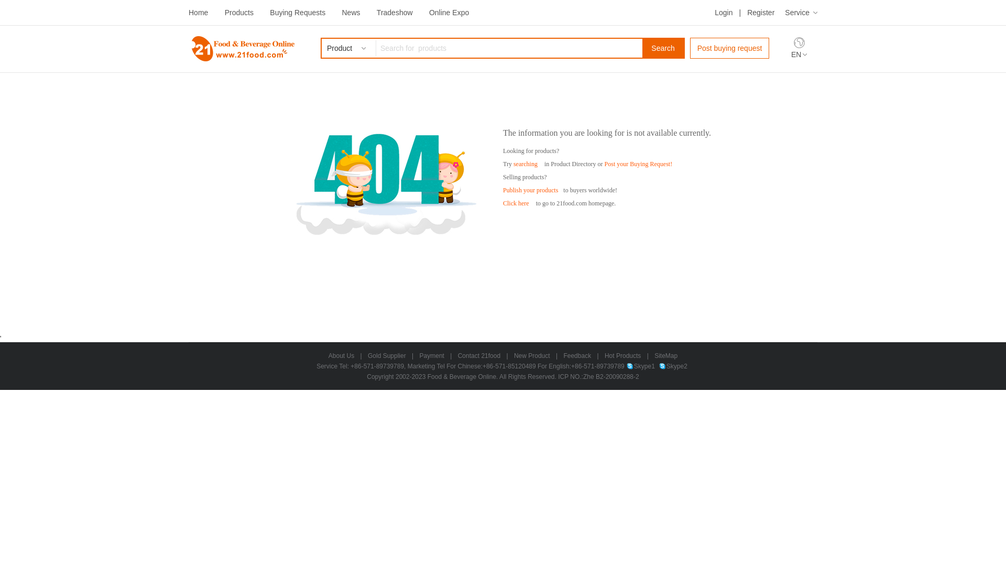  Describe the element at coordinates (429, 12) in the screenshot. I see `'Online Expo'` at that location.